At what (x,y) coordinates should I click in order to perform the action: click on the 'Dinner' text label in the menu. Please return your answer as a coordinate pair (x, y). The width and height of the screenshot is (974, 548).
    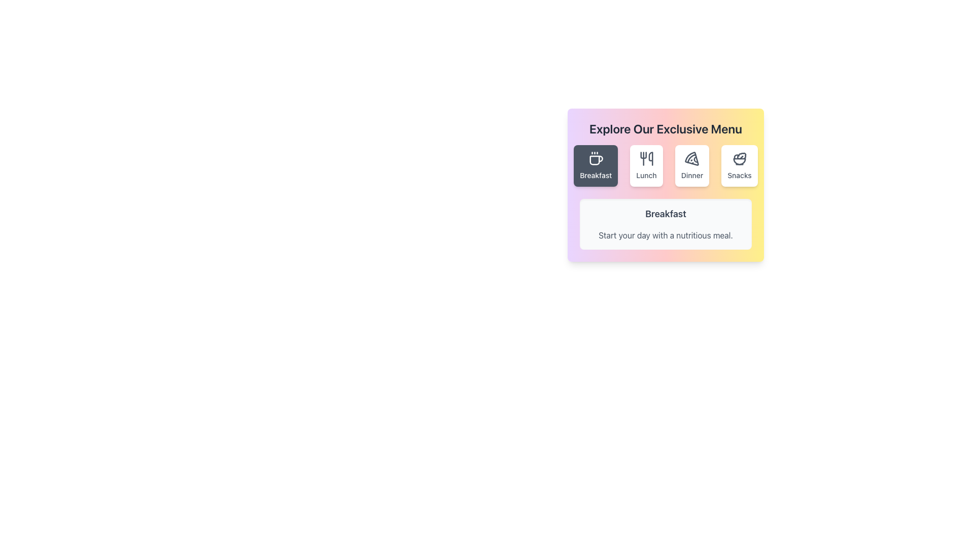
    Looking at the image, I should click on (691, 175).